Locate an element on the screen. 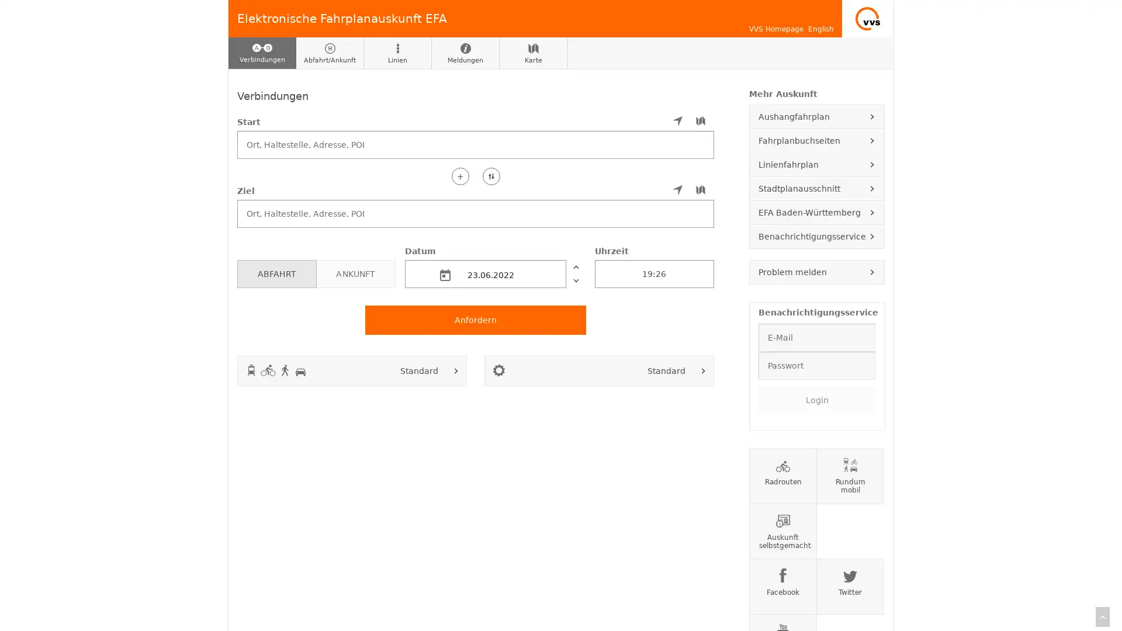 The image size is (1122, 631). 23.06.2022 is located at coordinates (485, 273).